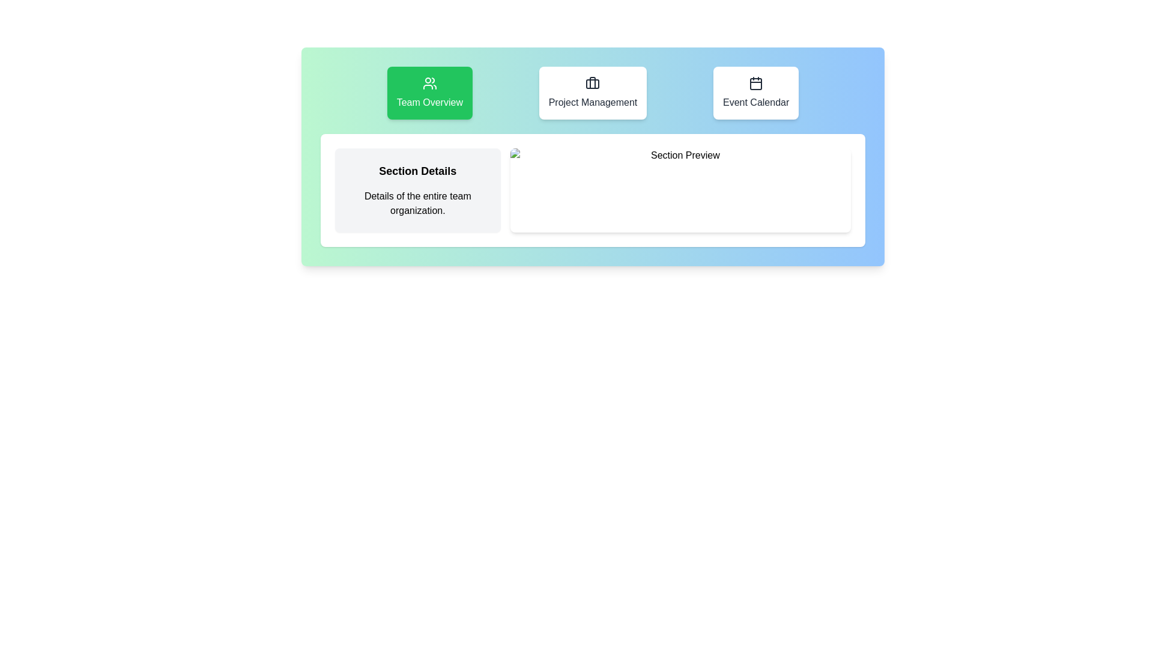 This screenshot has height=649, width=1153. Describe the element at coordinates (593, 92) in the screenshot. I see `the rectangular button with a white background and a briefcase icon labeled 'Project Management'` at that location.